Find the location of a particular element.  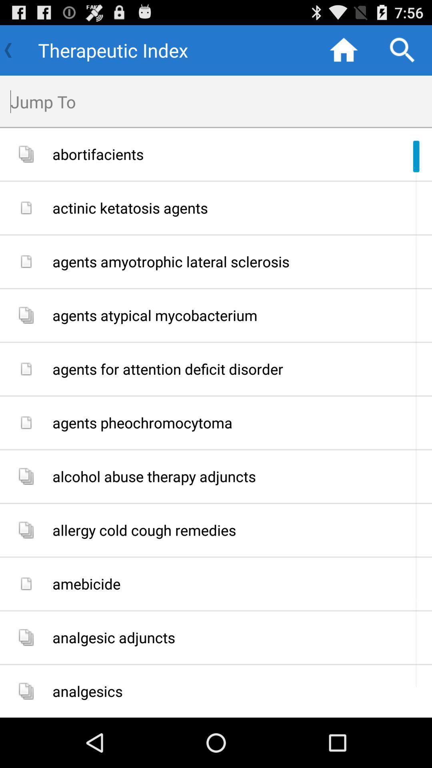

the icon above allergy cold cough app is located at coordinates (239, 476).